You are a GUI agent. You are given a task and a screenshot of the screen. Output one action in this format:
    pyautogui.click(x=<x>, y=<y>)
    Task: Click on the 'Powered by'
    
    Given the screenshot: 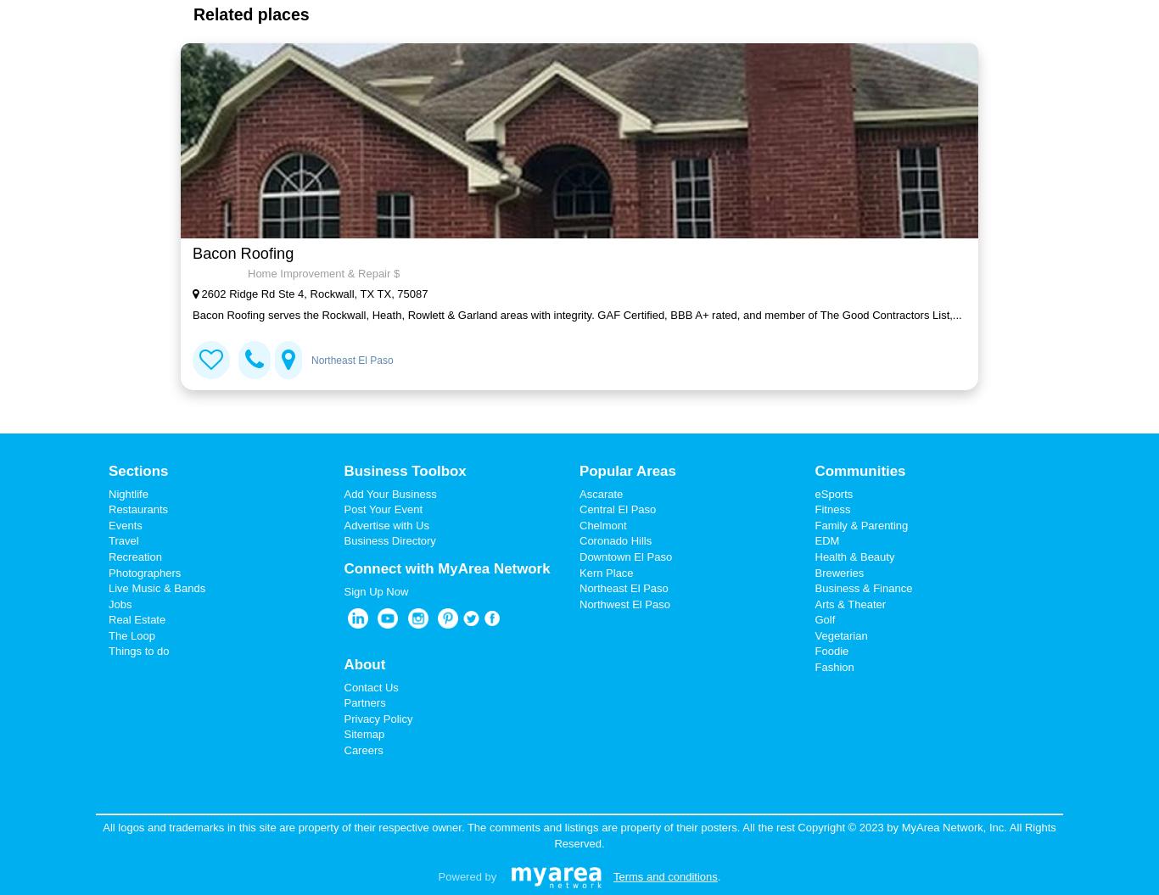 What is the action you would take?
    pyautogui.click(x=467, y=875)
    